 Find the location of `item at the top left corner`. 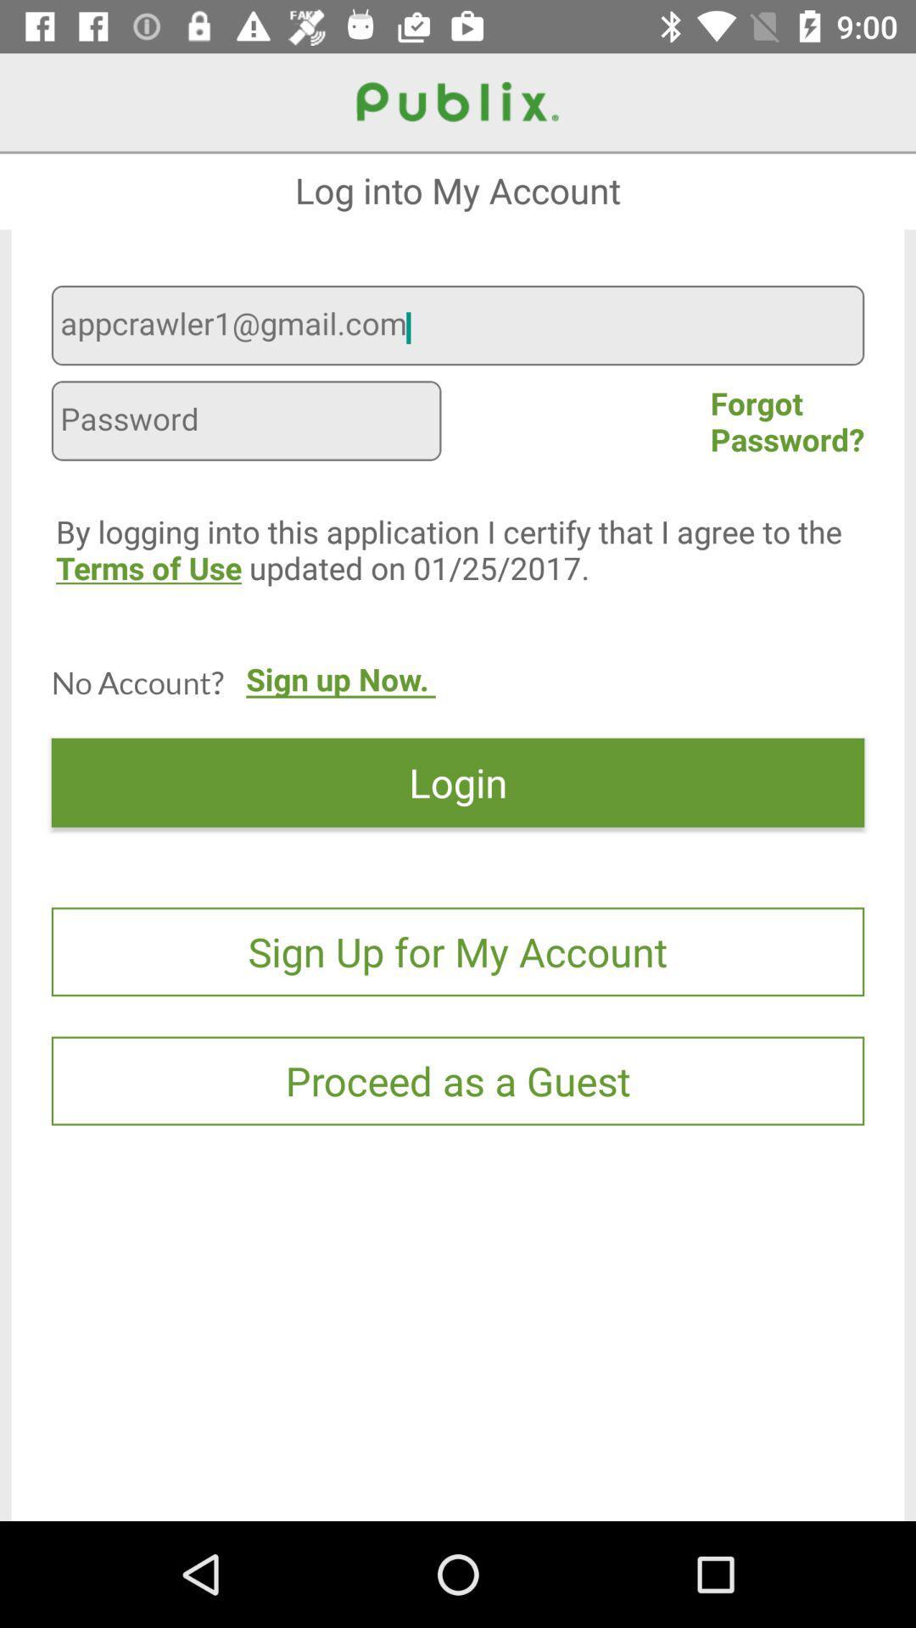

item at the top left corner is located at coordinates (246, 423).